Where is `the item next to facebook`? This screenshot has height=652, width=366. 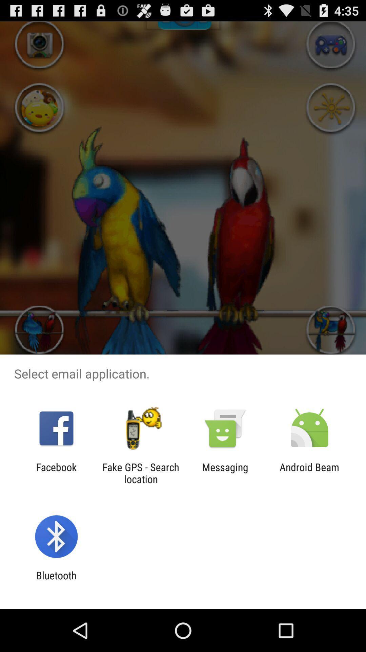 the item next to facebook is located at coordinates (140, 473).